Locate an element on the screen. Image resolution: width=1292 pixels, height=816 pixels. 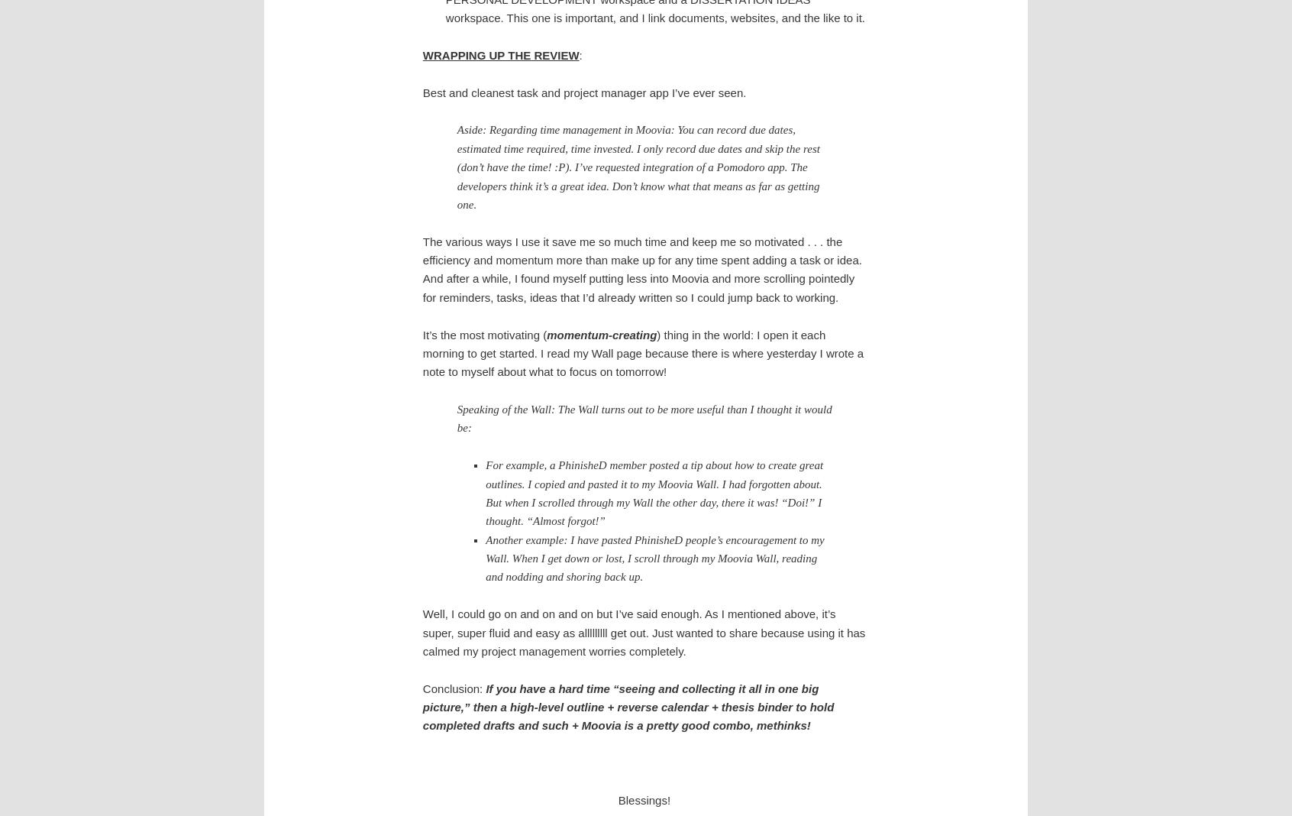
'Blessings!' is located at coordinates (645, 799).